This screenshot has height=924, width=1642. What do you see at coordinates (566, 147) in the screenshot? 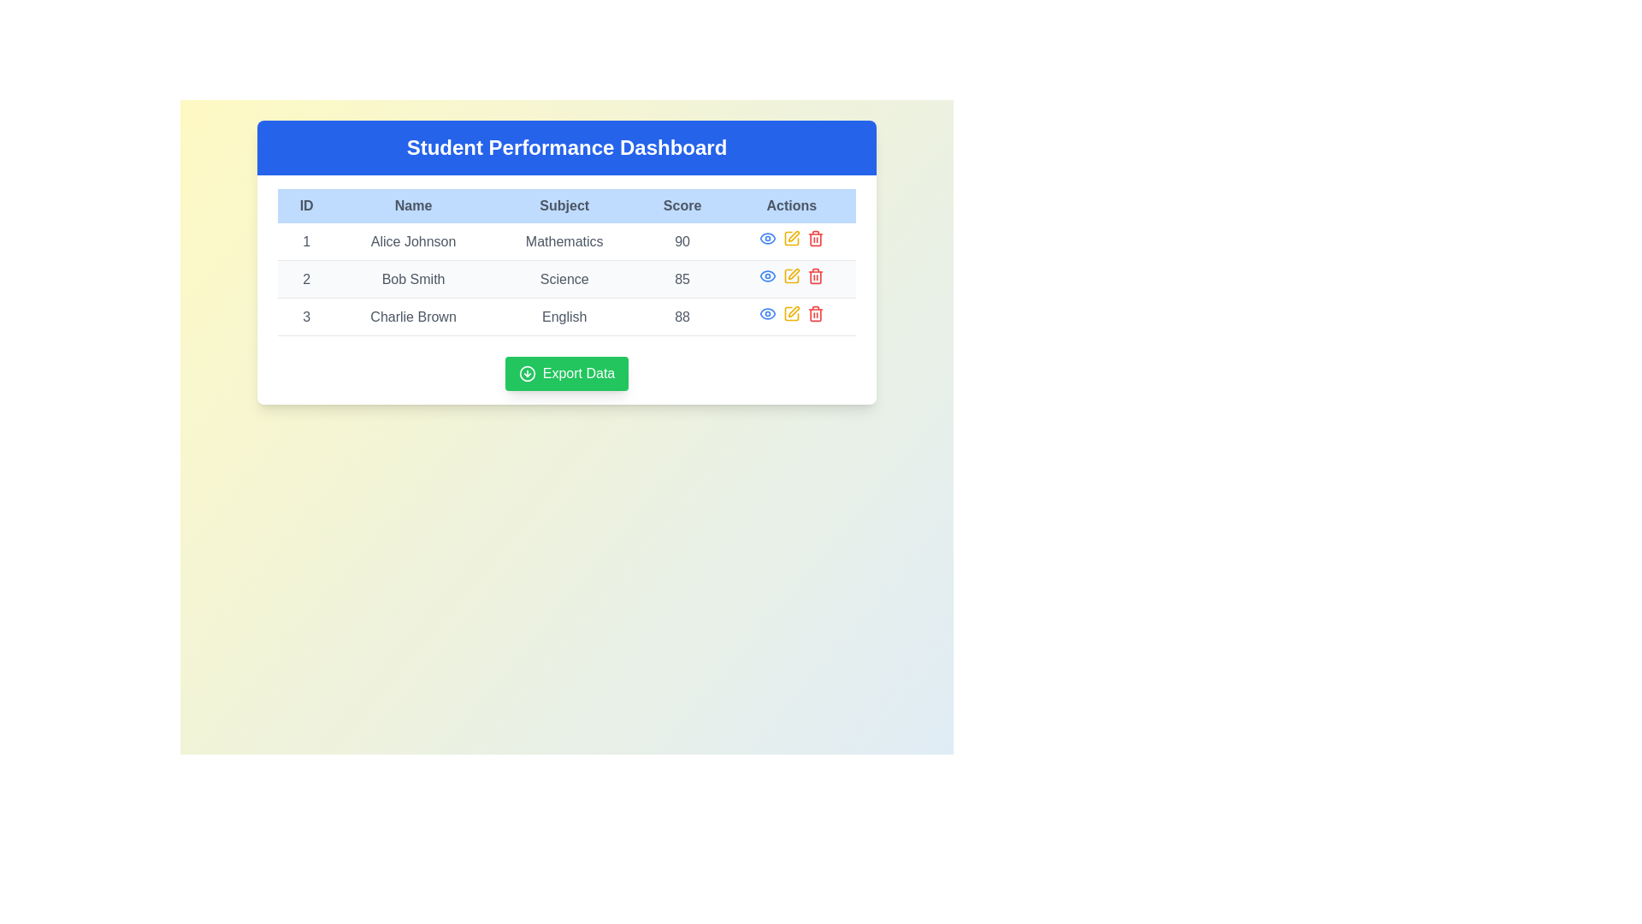
I see `the bold, large-sized text displaying 'Student Performance Dashboard', which is center-aligned and located at the top of the interface in a blue header section` at bounding box center [566, 147].